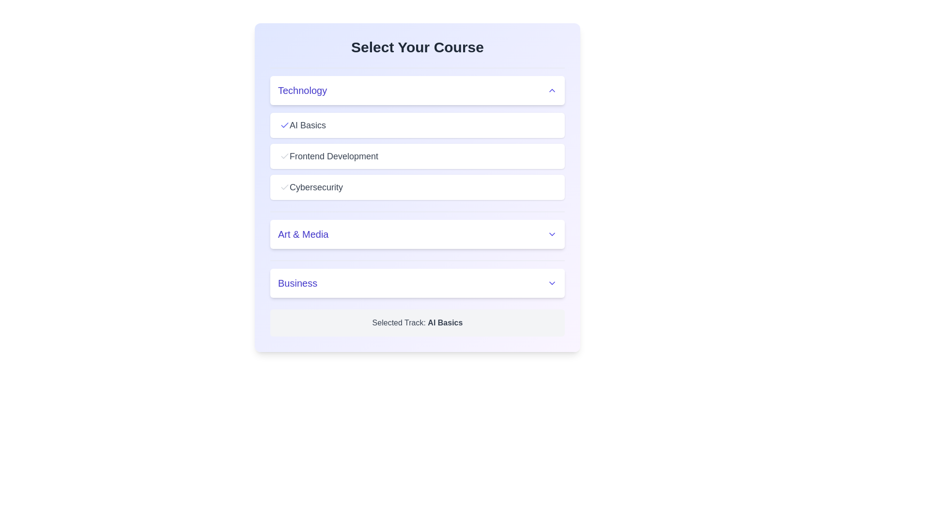 The height and width of the screenshot is (523, 930). I want to click on the interactive list group in the 'Technology' category, so click(418, 134).